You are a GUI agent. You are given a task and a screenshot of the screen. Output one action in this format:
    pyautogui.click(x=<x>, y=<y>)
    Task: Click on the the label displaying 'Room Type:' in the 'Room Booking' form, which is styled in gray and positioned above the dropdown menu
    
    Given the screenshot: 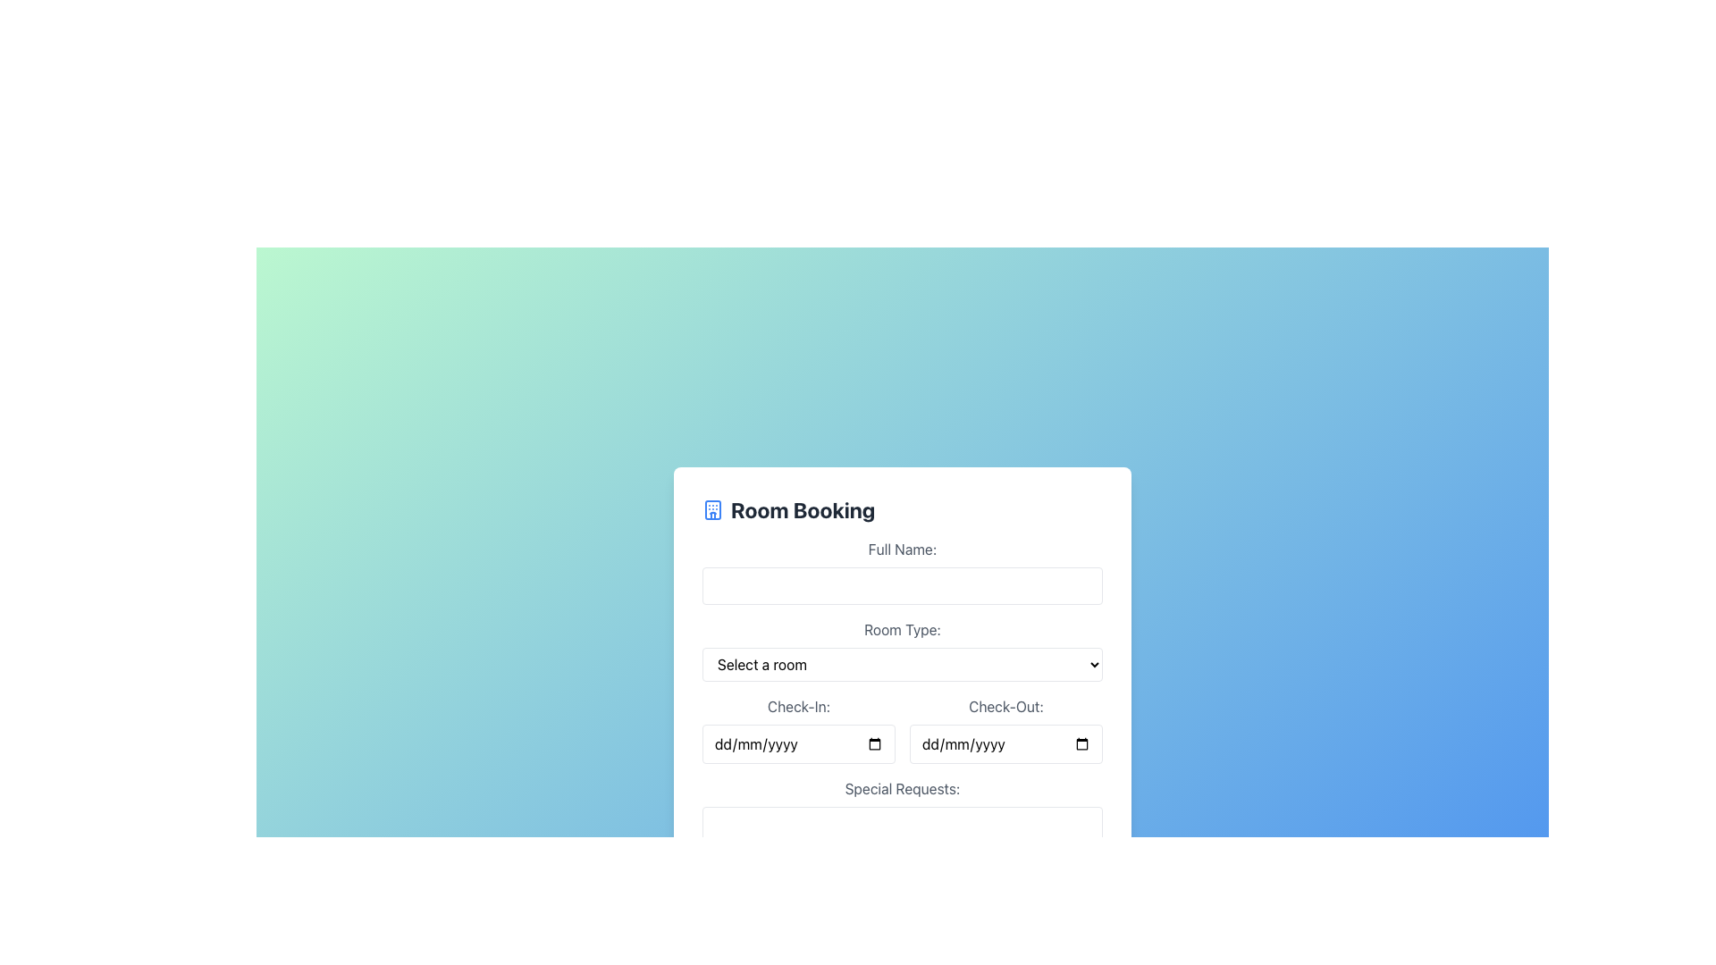 What is the action you would take?
    pyautogui.click(x=902, y=629)
    